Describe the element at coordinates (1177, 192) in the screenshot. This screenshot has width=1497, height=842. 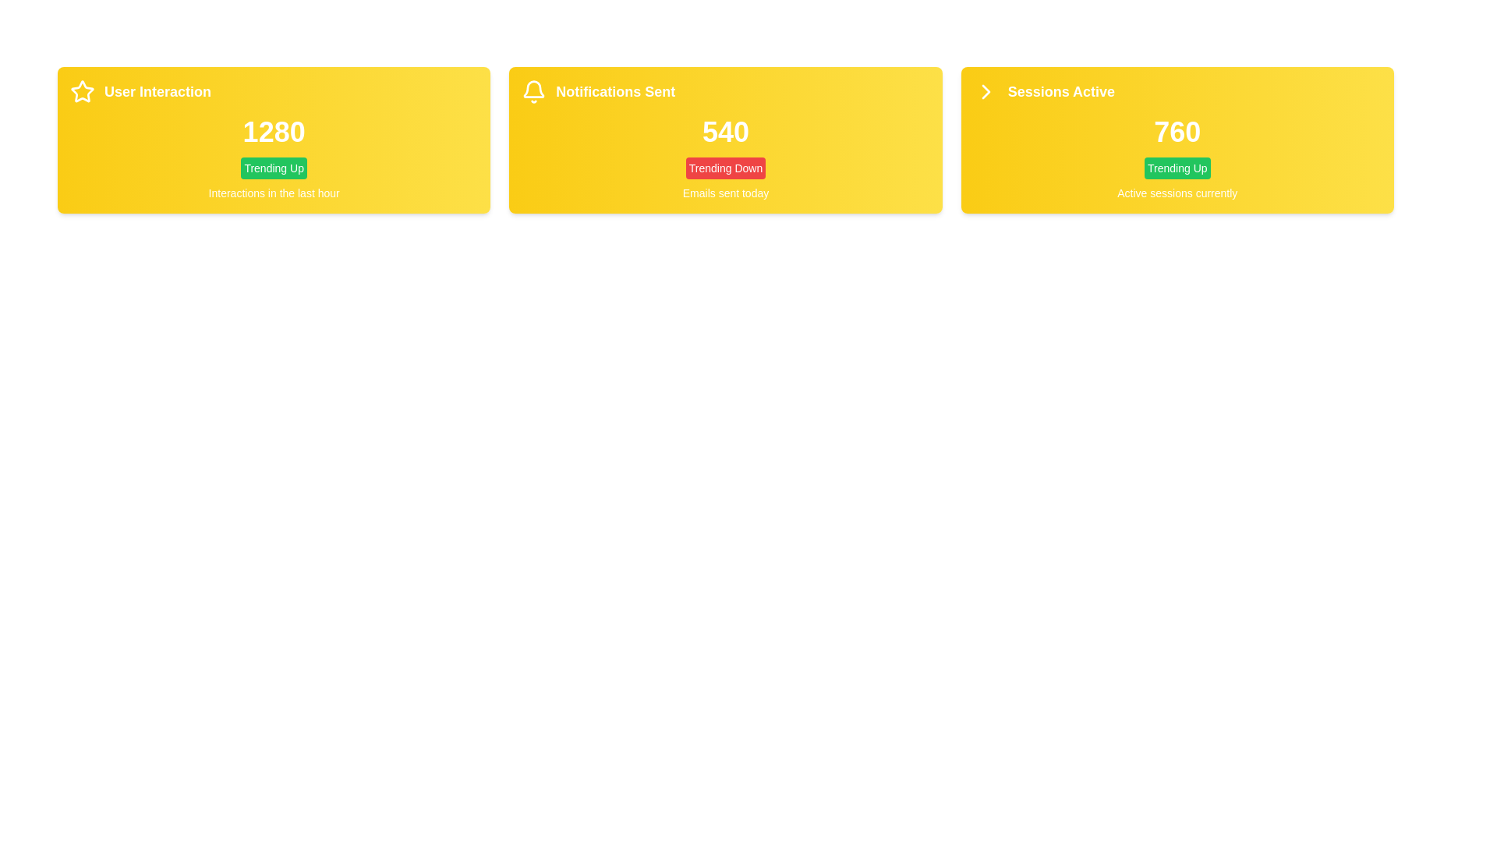
I see `the static text element labeled 'Active sessions currently', which is styled with small white font and located at the bottom of a yellow gradient panel labeled 'Sessions Active'` at that location.